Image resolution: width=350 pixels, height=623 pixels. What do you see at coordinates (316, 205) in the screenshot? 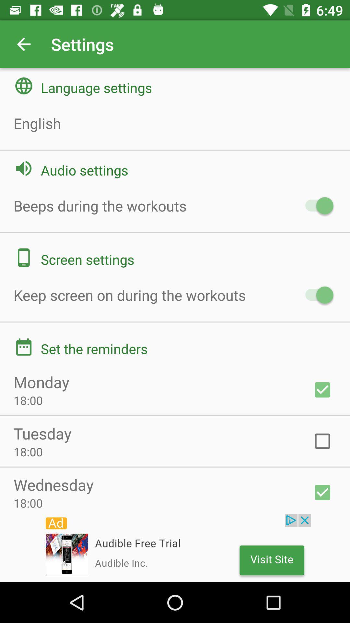
I see `set your audio adjust` at bounding box center [316, 205].